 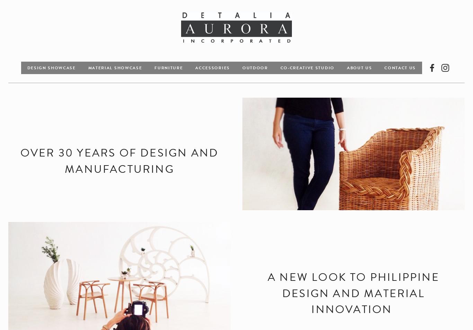 I want to click on 'DESIGN SHOWCASE', so click(x=51, y=67).